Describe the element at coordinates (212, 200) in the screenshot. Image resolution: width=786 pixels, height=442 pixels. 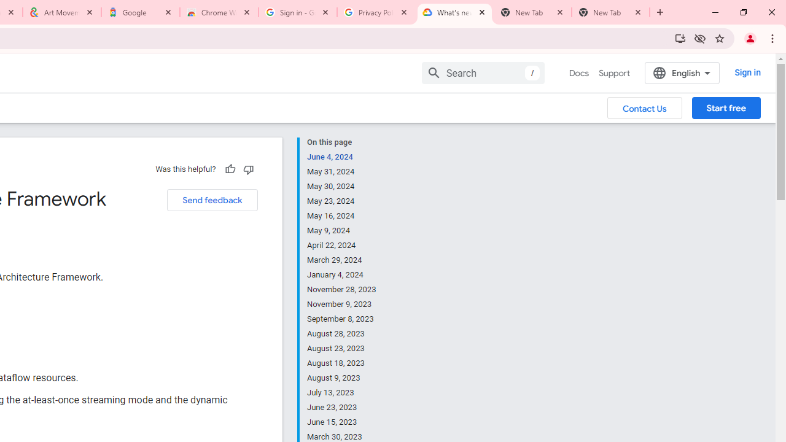
I see `'Send feedback'` at that location.